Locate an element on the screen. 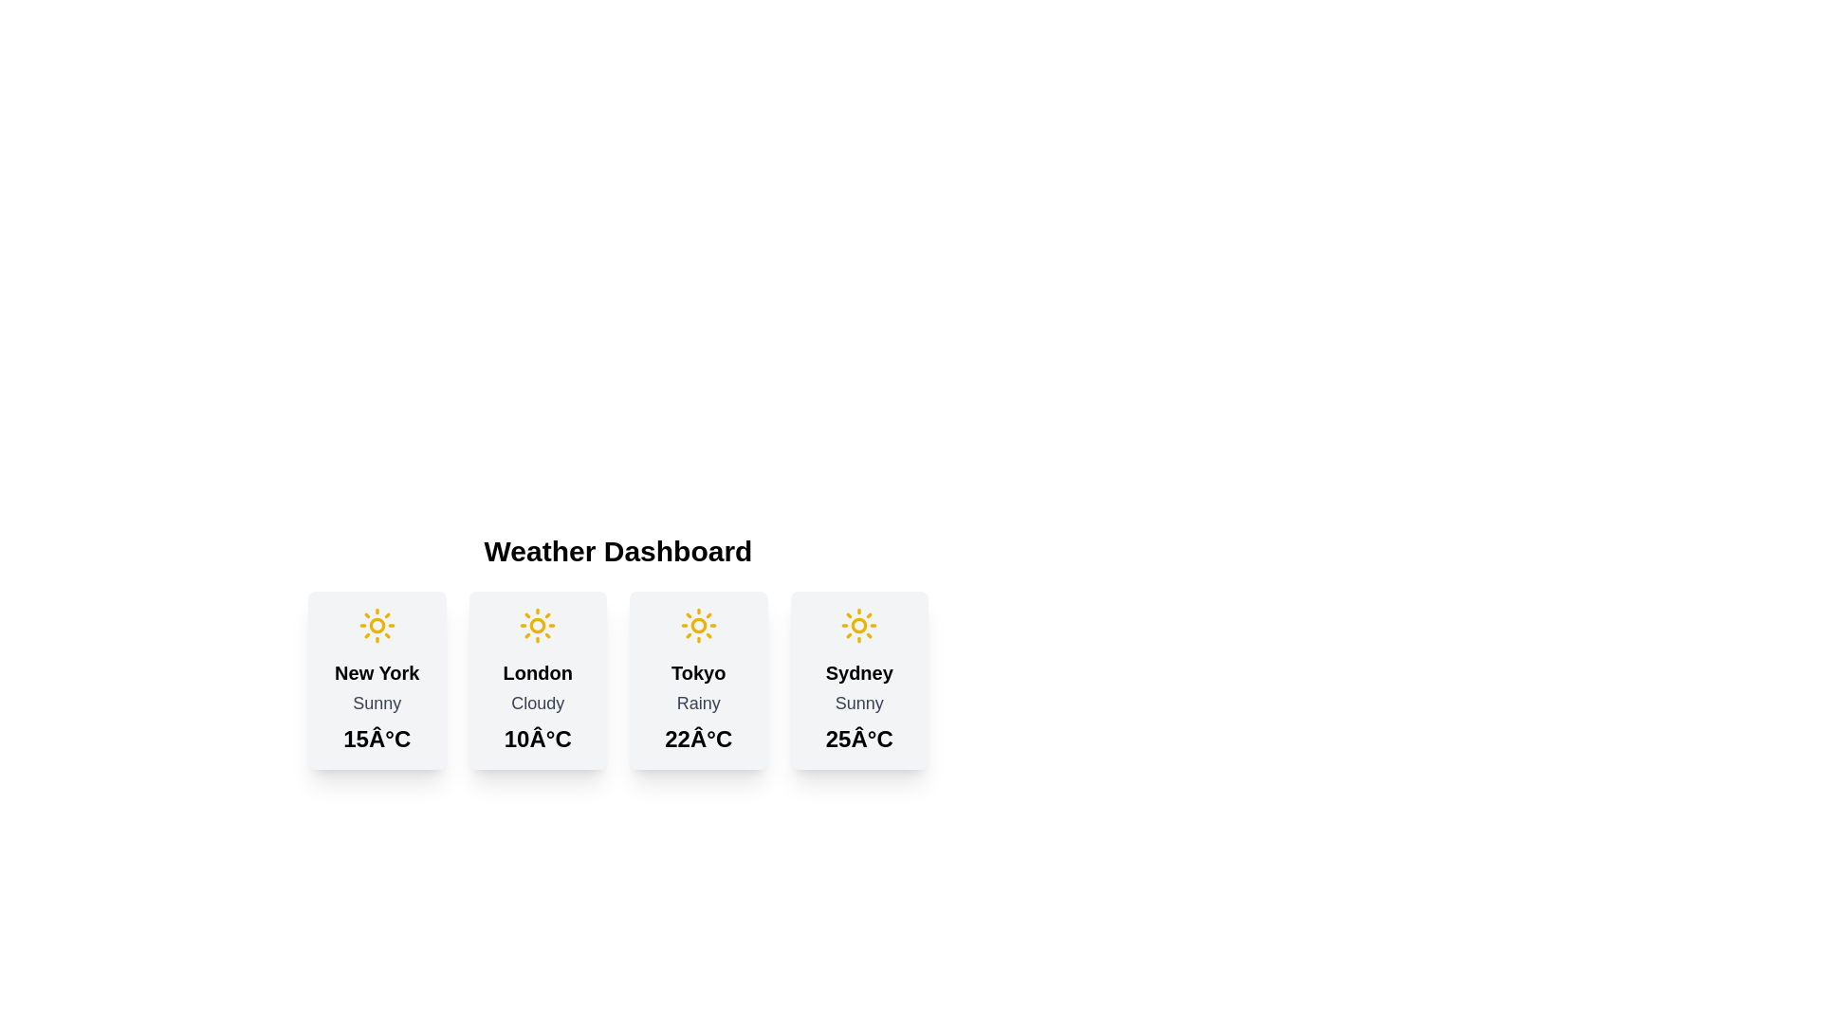 The image size is (1821, 1024). the text label displaying the temperature '15Â°C' at the bottom center of the weather card for 'New York' is located at coordinates (377, 738).